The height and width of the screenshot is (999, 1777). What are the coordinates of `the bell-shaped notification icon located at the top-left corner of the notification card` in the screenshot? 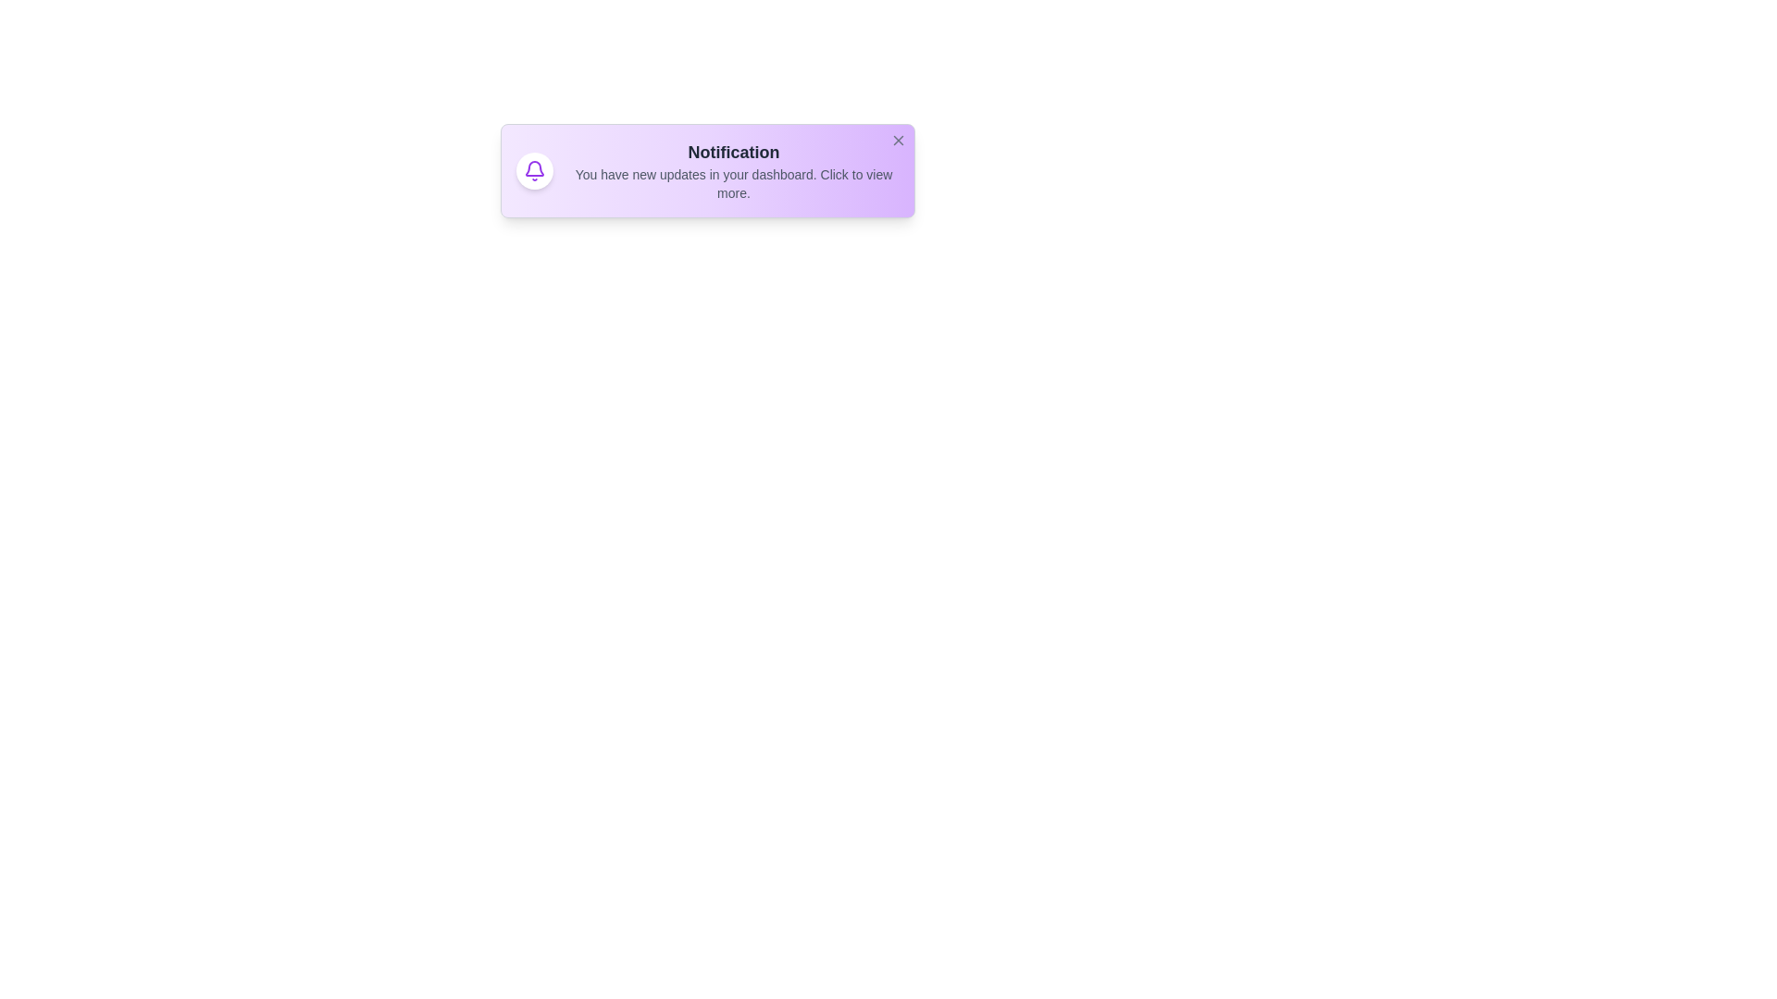 It's located at (533, 168).